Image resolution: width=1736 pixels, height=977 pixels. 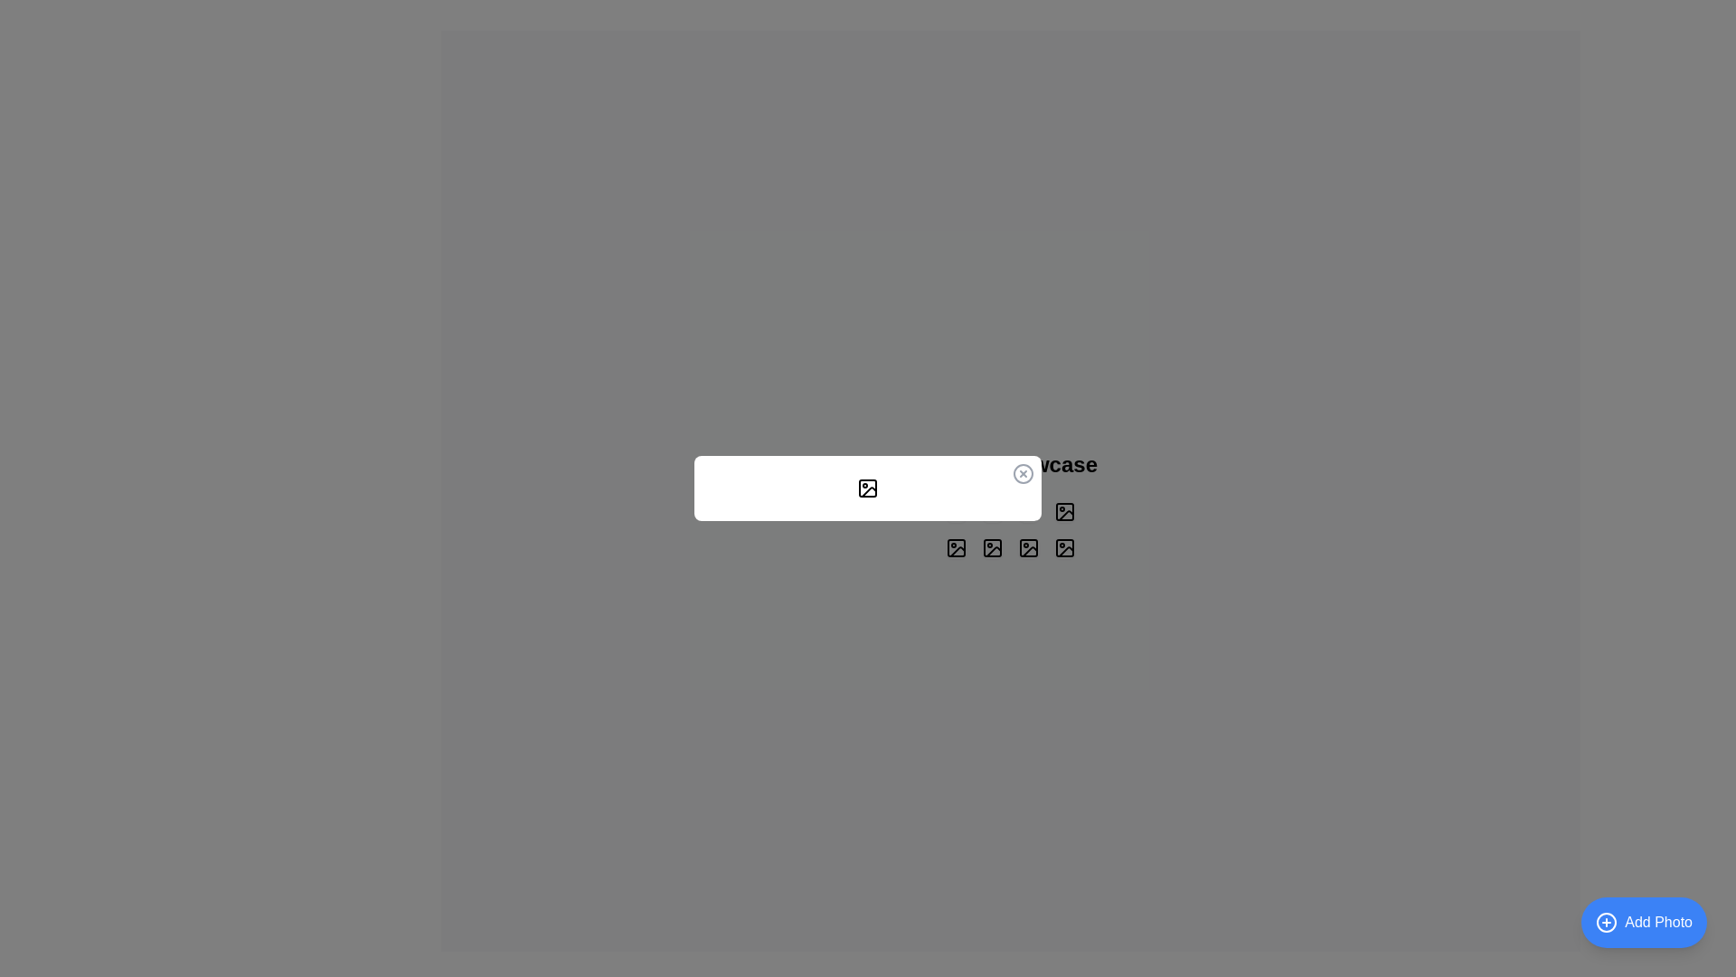 What do you see at coordinates (1028, 546) in the screenshot?
I see `the fourth thumbnail in the bottom grid of images, which features a black frame around a white pictogram of a mountain with a circle representing either a sun or moon` at bounding box center [1028, 546].